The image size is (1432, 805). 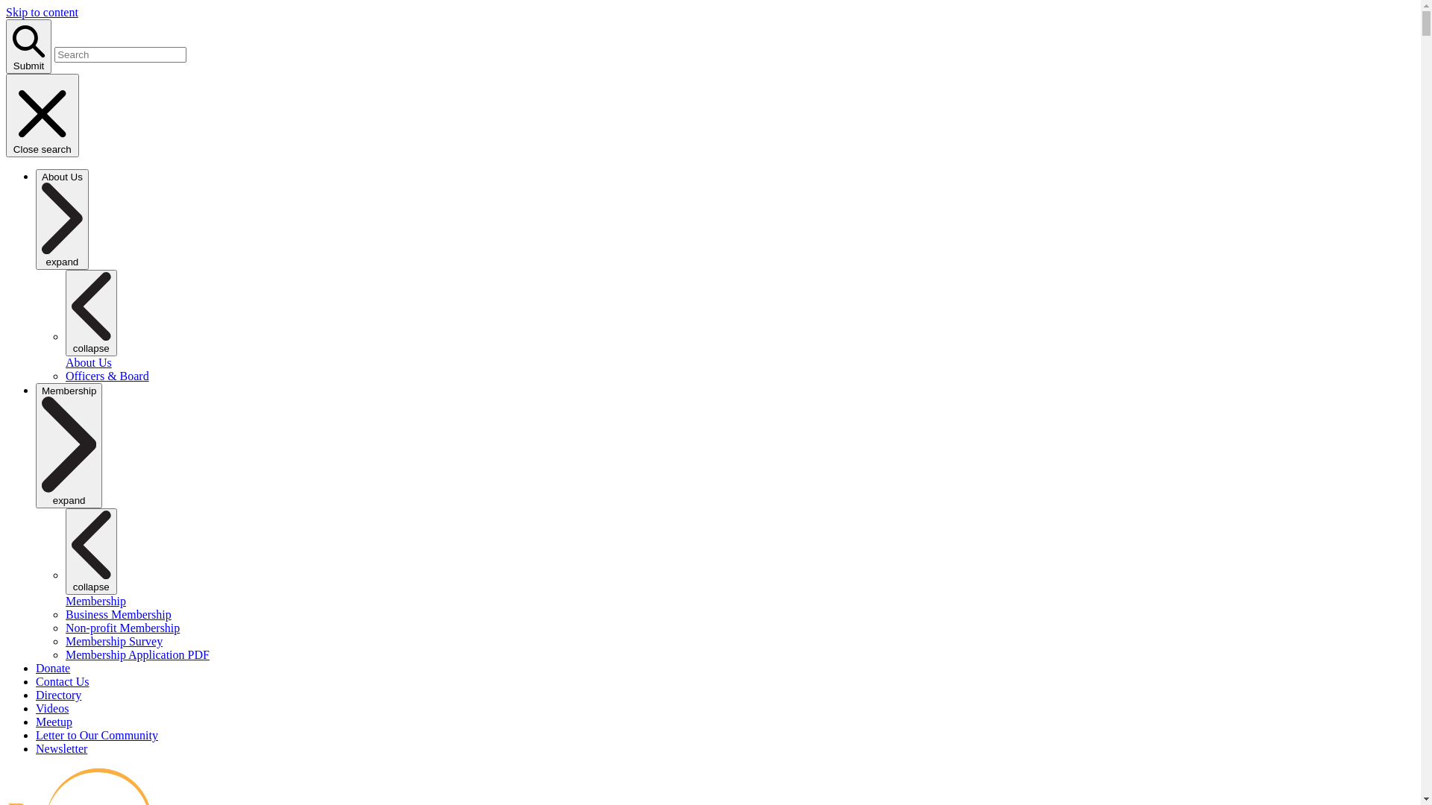 What do you see at coordinates (53, 667) in the screenshot?
I see `'Donate'` at bounding box center [53, 667].